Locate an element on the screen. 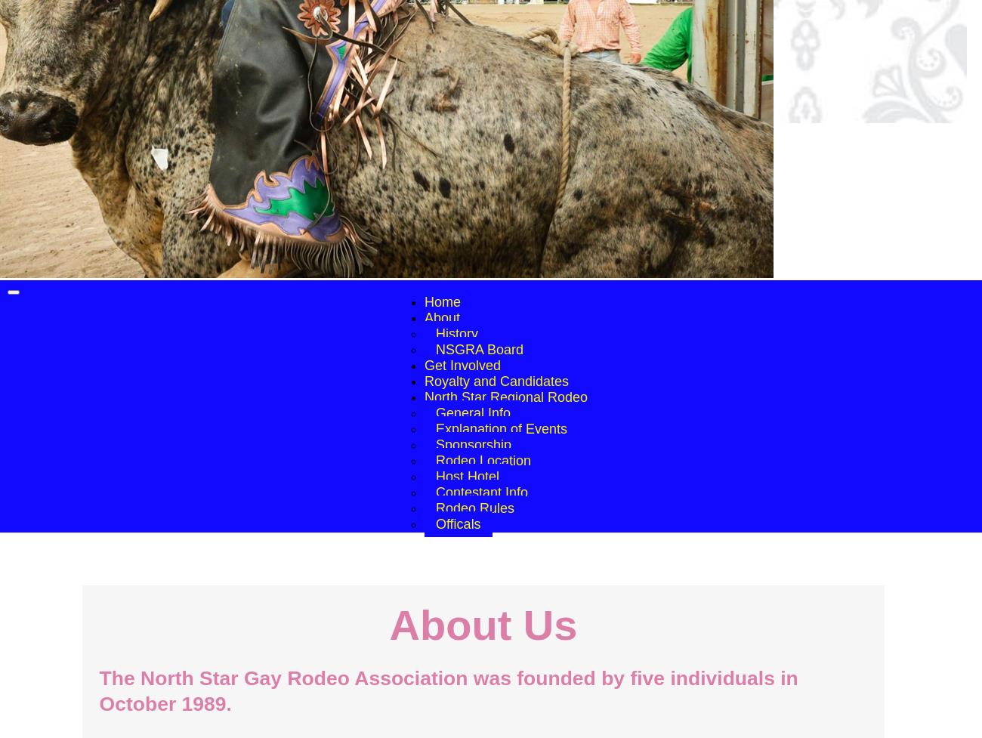 This screenshot has height=738, width=982. 'Sponsorship' is located at coordinates (473, 444).